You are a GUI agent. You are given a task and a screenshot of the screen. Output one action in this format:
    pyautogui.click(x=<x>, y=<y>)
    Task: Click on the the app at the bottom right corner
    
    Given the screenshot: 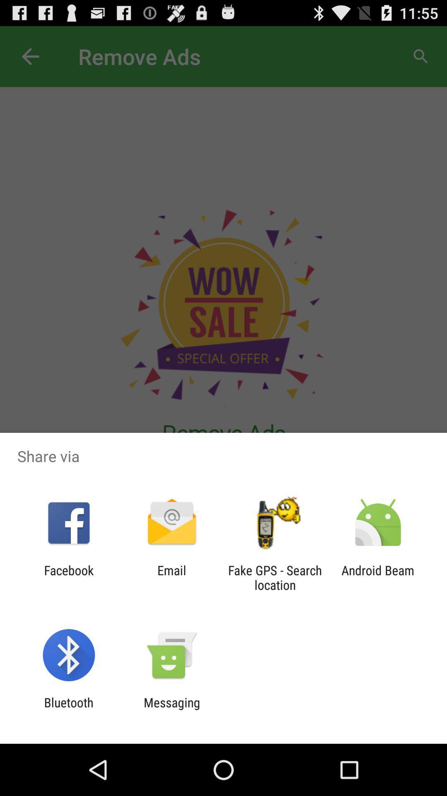 What is the action you would take?
    pyautogui.click(x=378, y=577)
    